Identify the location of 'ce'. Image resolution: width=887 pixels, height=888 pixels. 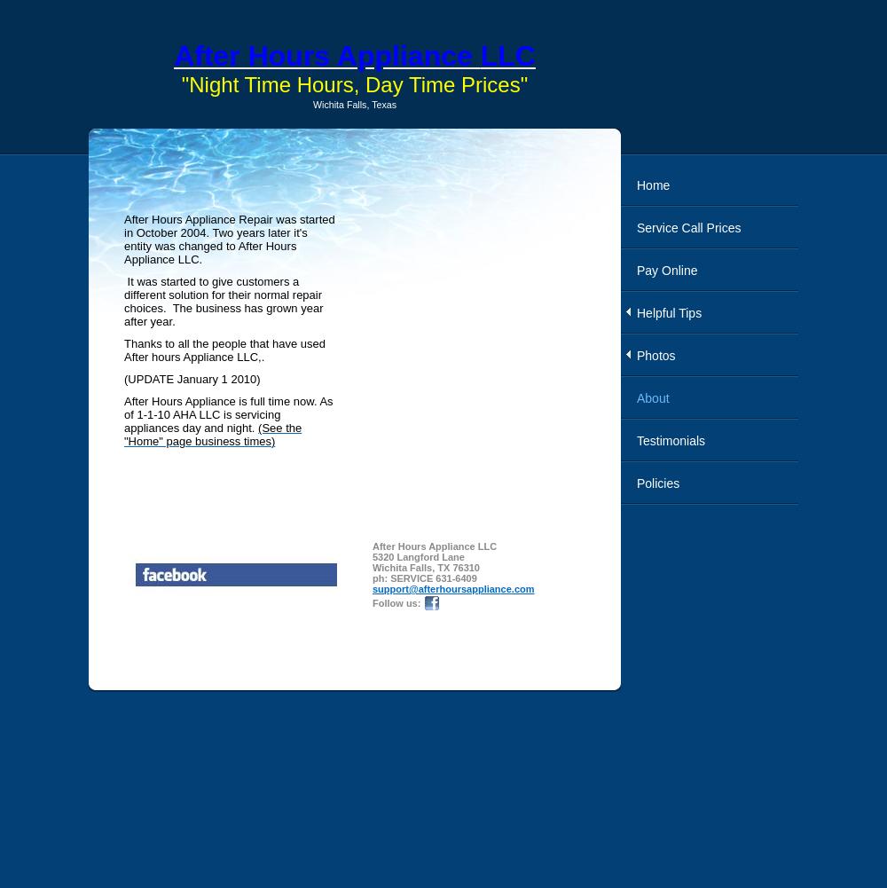
(499, 587).